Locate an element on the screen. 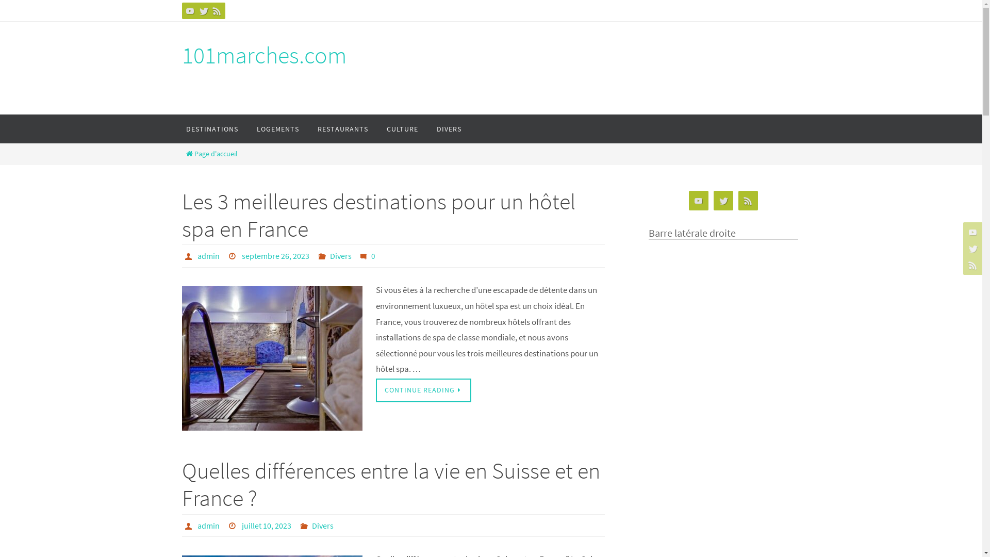  'DESTINATIONS' is located at coordinates (211, 128).